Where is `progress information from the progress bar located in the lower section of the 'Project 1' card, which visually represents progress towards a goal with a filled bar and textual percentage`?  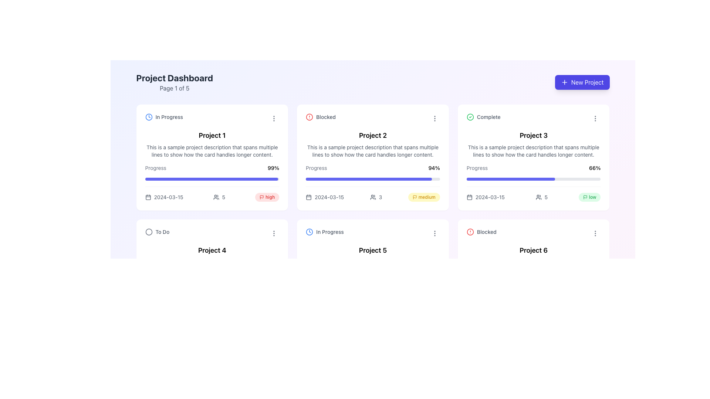 progress information from the progress bar located in the lower section of the 'Project 1' card, which visually represents progress towards a goal with a filled bar and textual percentage is located at coordinates (212, 183).